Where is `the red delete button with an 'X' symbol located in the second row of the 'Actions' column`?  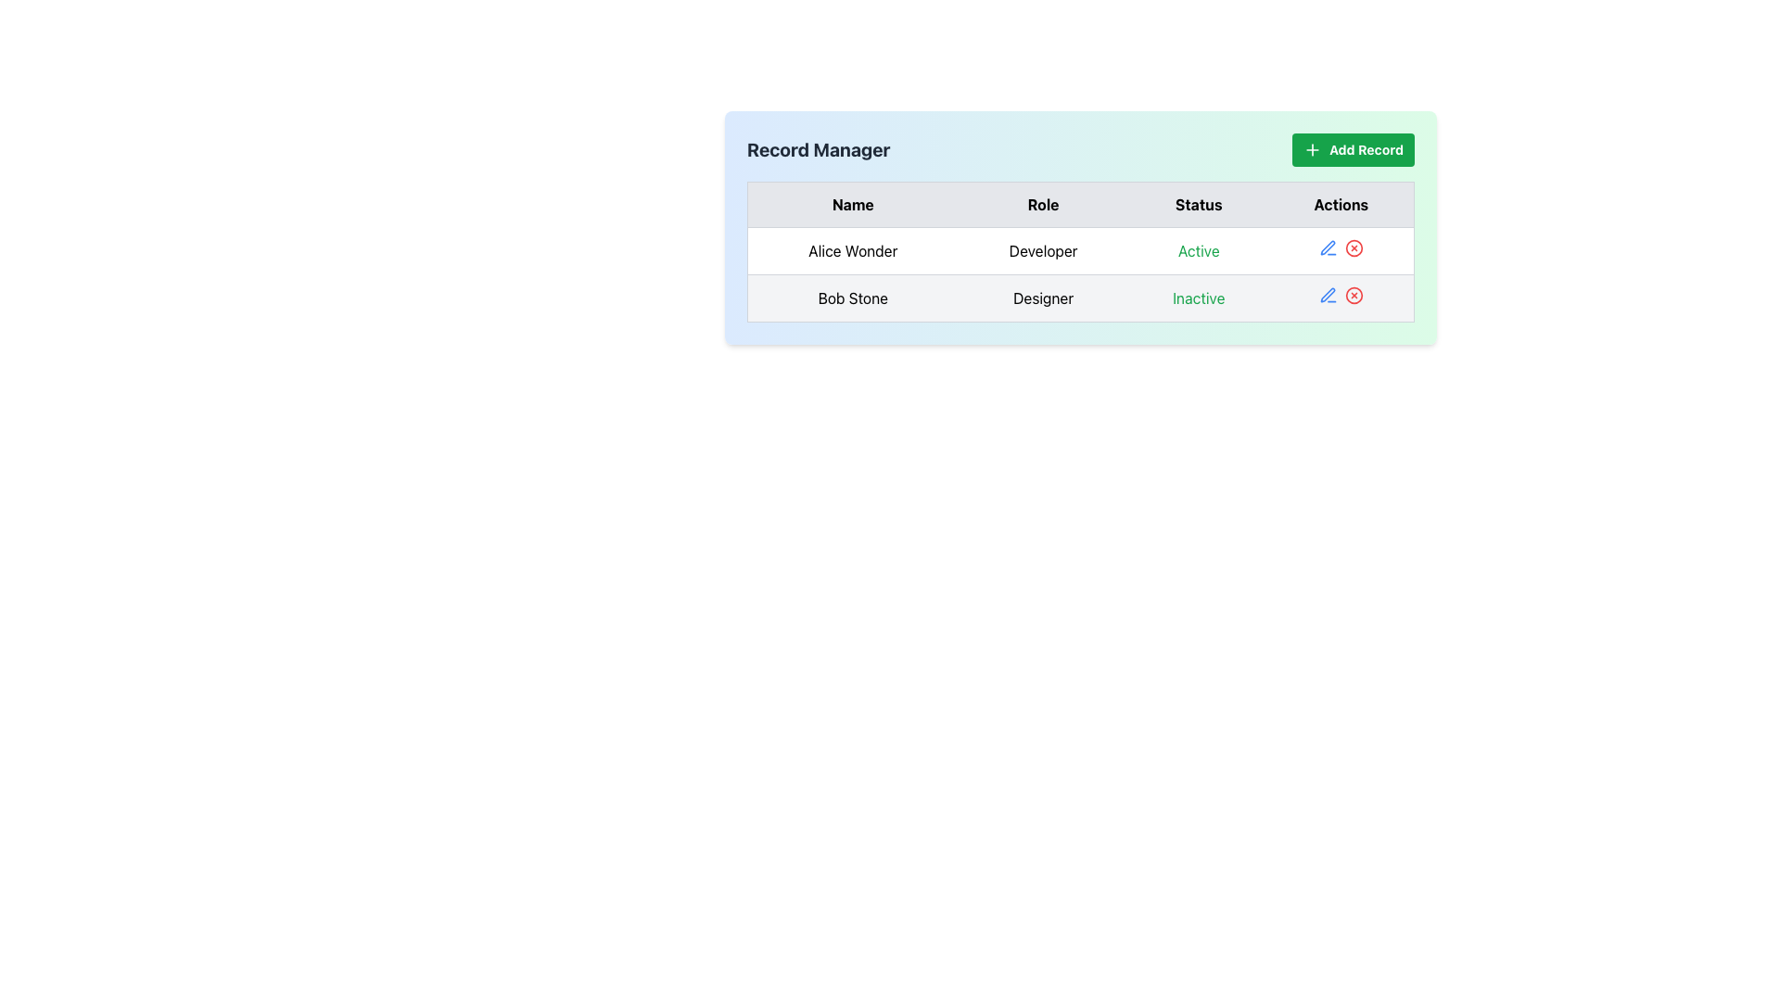 the red delete button with an 'X' symbol located in the second row of the 'Actions' column is located at coordinates (1354, 295).